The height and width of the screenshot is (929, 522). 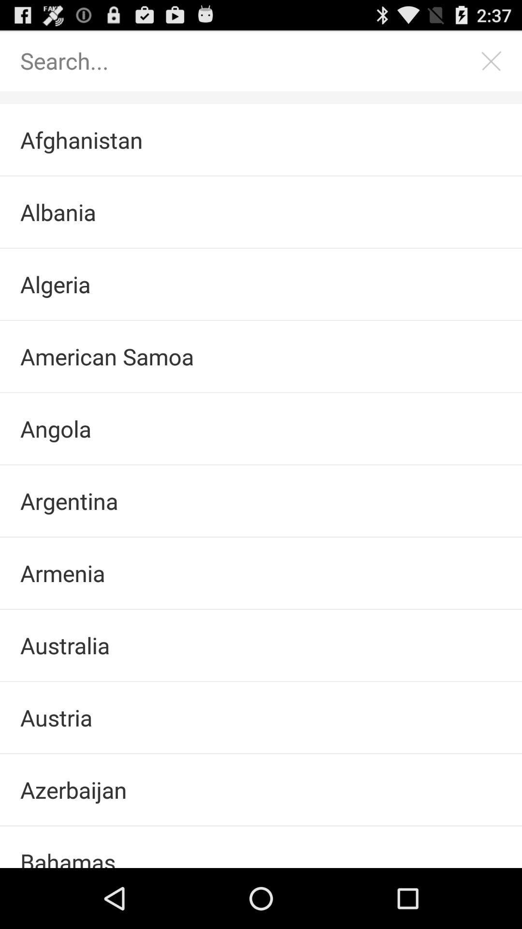 What do you see at coordinates (261, 139) in the screenshot?
I see `afghanistan` at bounding box center [261, 139].